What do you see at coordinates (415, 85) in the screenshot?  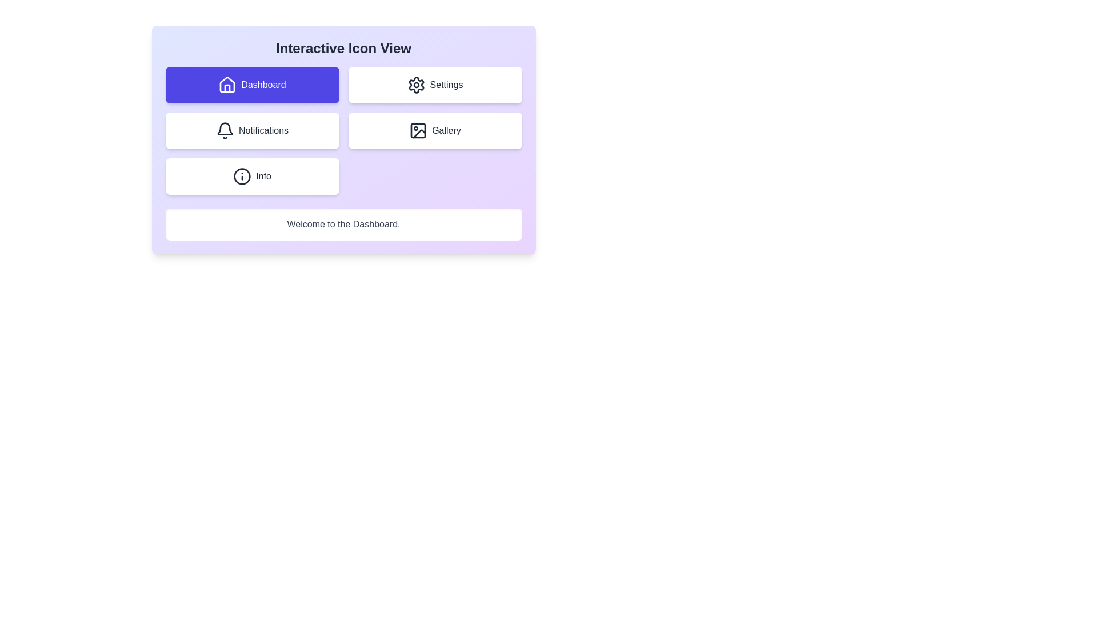 I see `the settings icon located` at bounding box center [415, 85].